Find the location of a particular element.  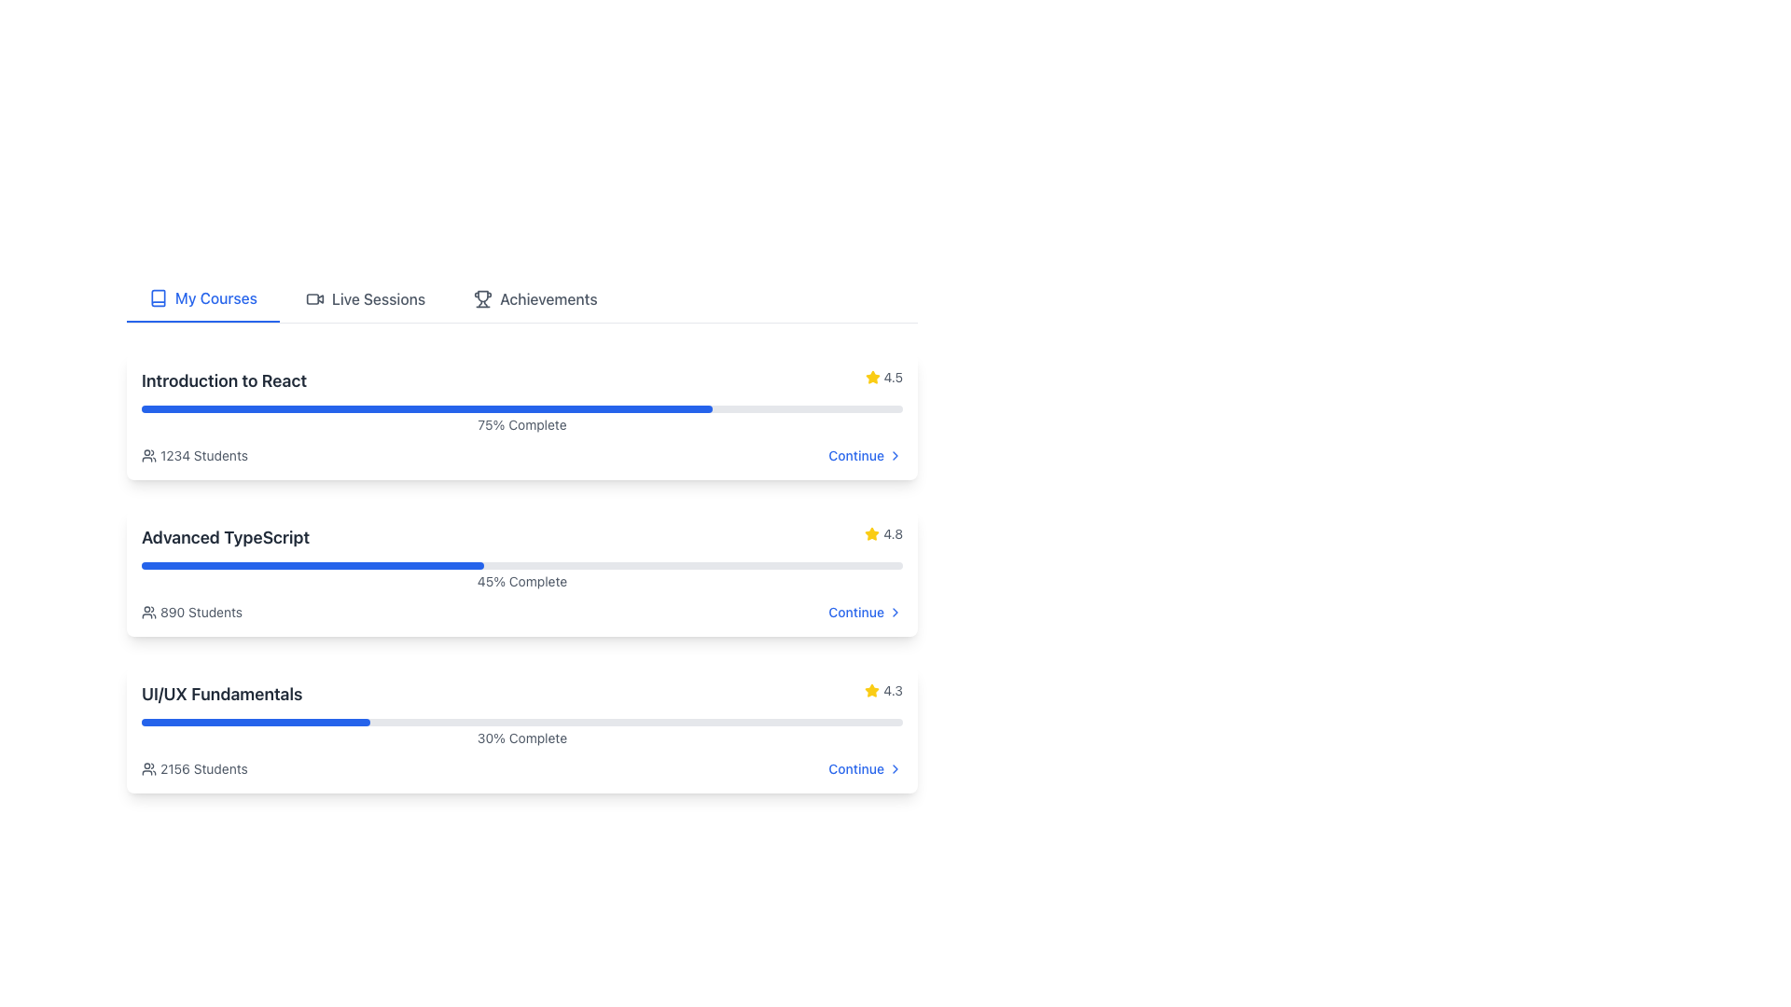

the progress bar indicating the completion percentage for the 'UI/UX Fundamentals' course, which is the third card in a vertically stacked list of course cards is located at coordinates (522, 732).